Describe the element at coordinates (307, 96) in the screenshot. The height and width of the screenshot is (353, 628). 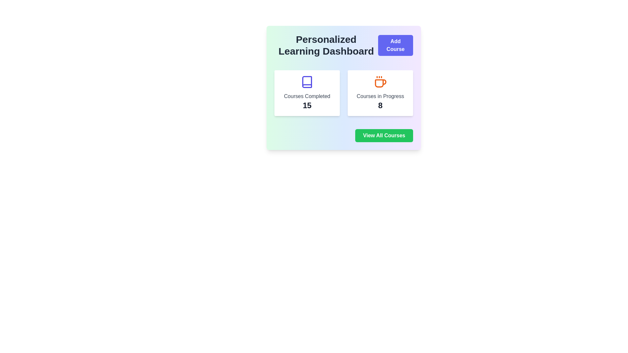
I see `the static text label element that displays 'Courses Completed', which is styled with a gray color and medium font weight, located within a card layout on the left side of the dashboard interface` at that location.